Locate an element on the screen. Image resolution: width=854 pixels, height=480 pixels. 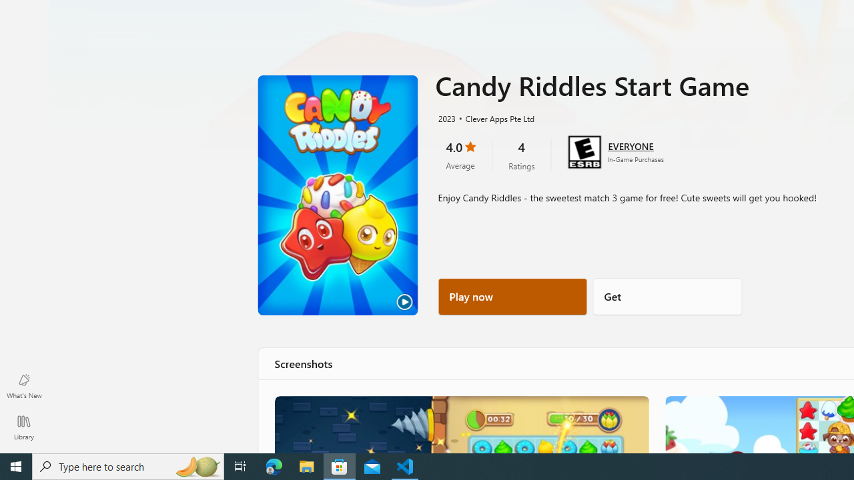
'4.0 stars. Click to skip to ratings and reviews' is located at coordinates (460, 154).